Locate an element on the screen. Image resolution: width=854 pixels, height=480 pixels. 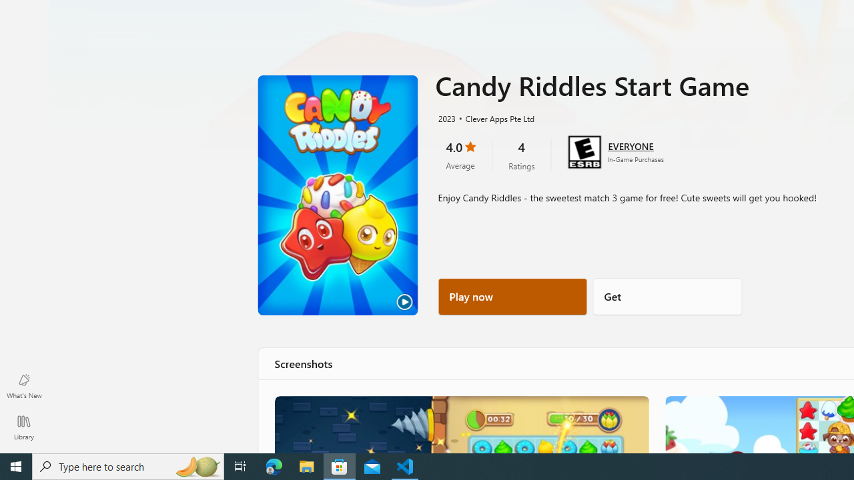
'4.0 stars. Click to skip to ratings and reviews' is located at coordinates (460, 154).